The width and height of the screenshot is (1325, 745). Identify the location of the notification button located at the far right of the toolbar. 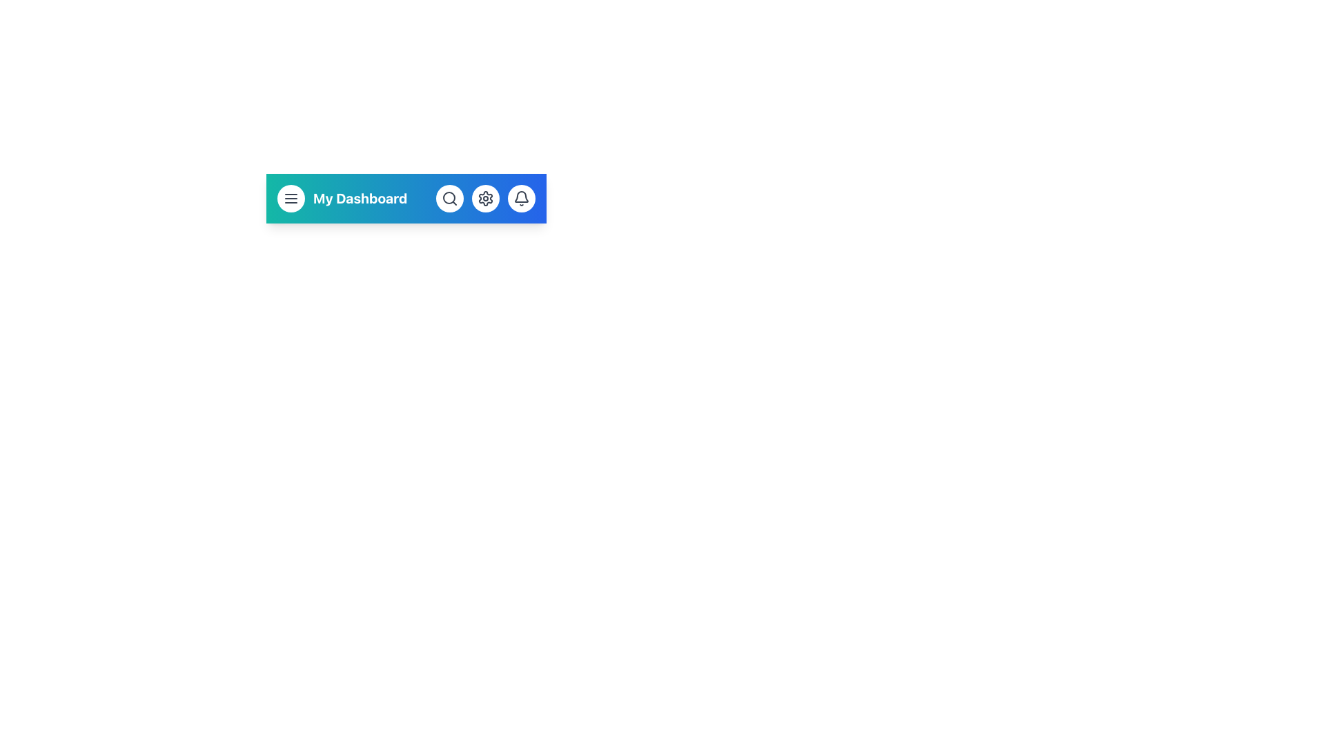
(520, 199).